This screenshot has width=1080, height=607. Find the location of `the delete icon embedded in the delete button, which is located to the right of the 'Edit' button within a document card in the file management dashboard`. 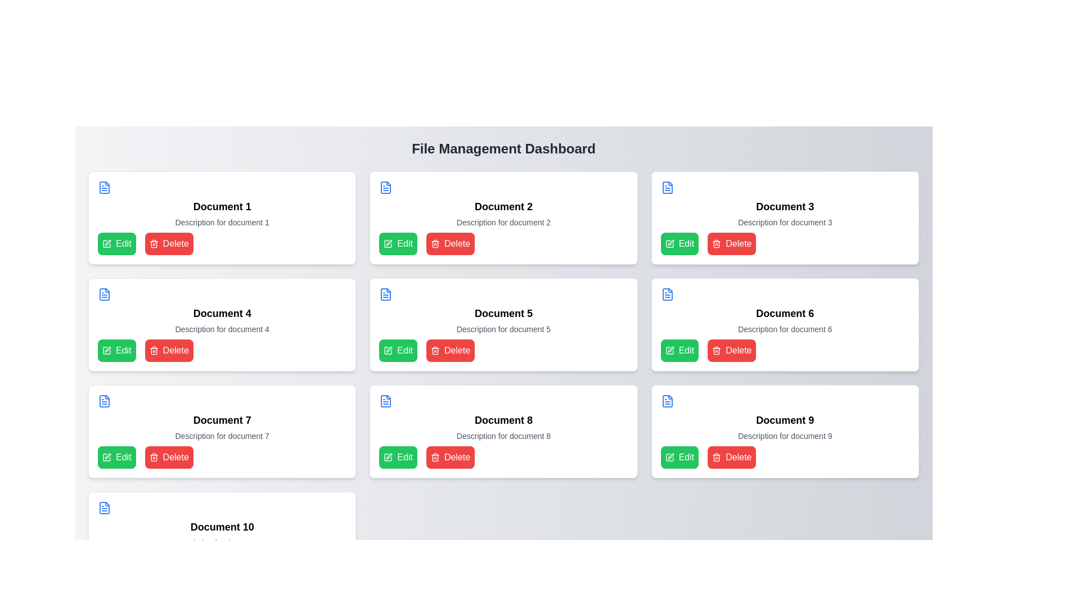

the delete icon embedded in the delete button, which is located to the right of the 'Edit' button within a document card in the file management dashboard is located at coordinates (434, 457).